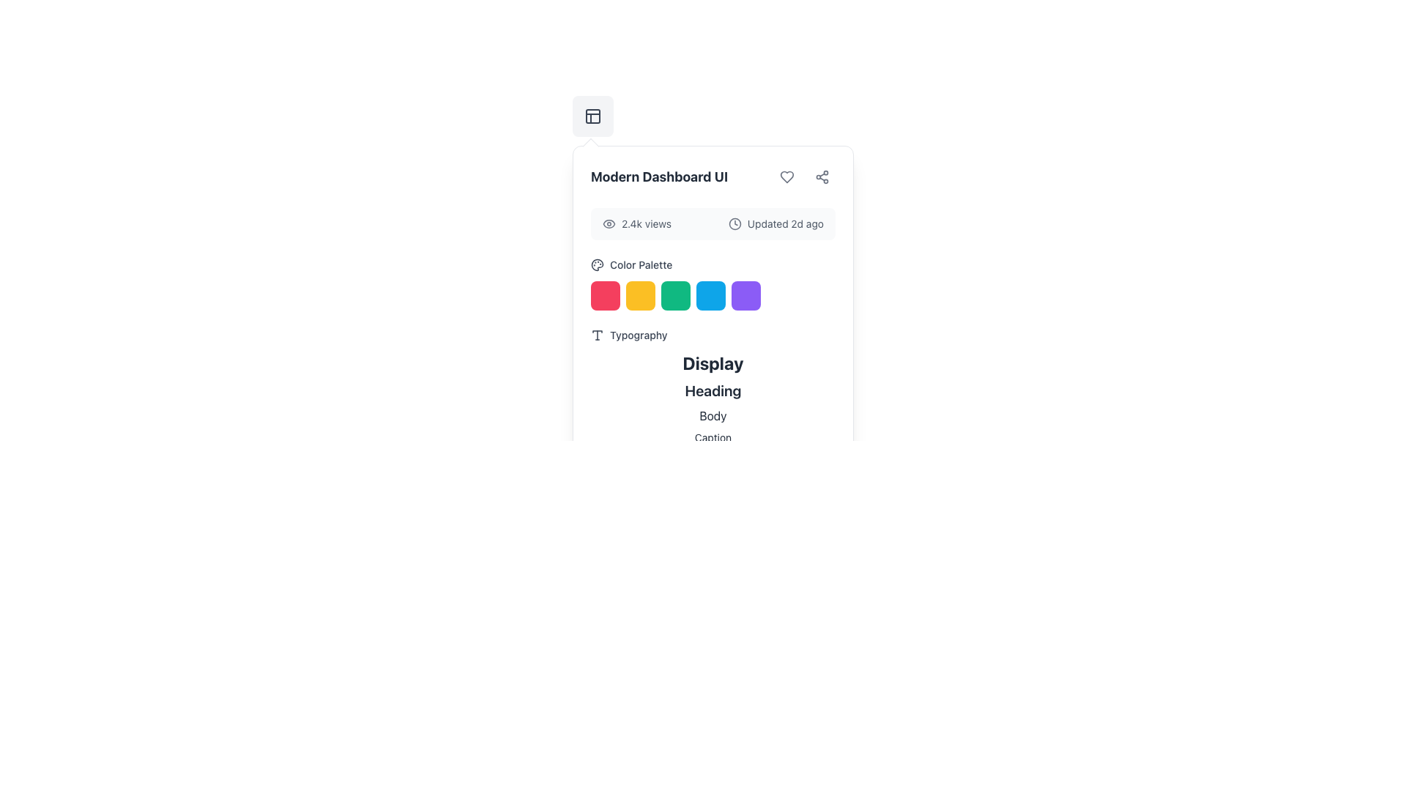  I want to click on the prominent label that categorizes or emphasizes the content below it, positioned centrally near the top of the visible layout region, so click(713, 363).